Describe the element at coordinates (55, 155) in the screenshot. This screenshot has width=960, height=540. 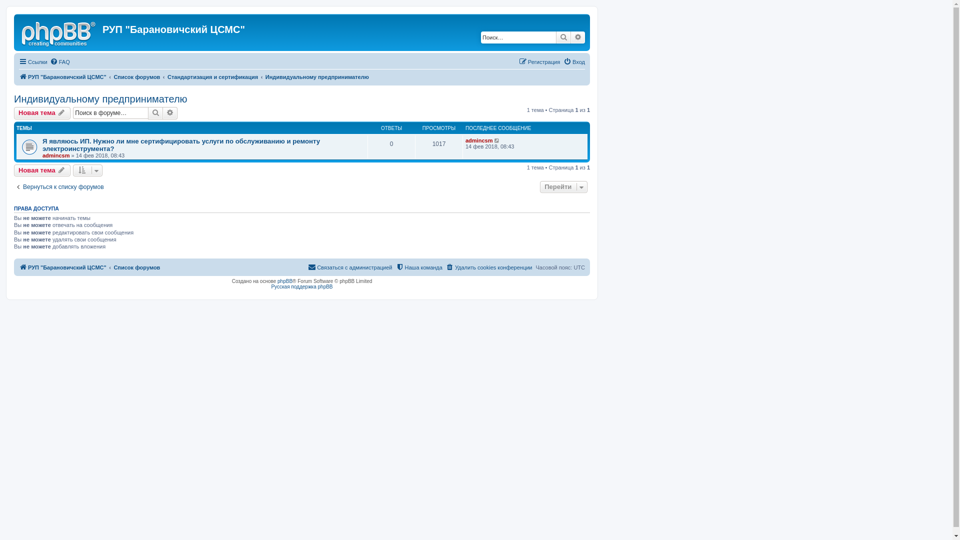
I see `'admincsm'` at that location.